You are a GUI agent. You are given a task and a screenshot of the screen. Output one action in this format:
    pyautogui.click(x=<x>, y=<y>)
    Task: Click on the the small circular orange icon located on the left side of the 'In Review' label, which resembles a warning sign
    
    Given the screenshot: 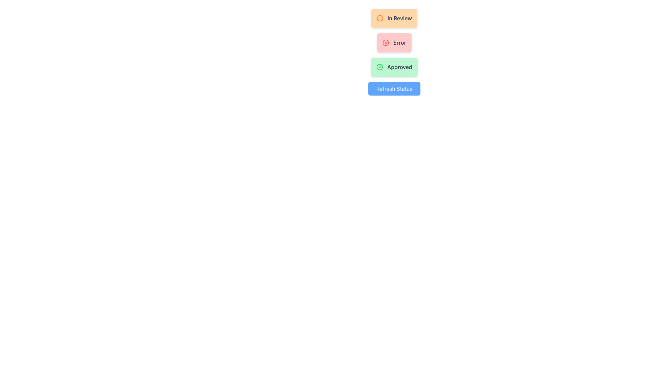 What is the action you would take?
    pyautogui.click(x=380, y=18)
    